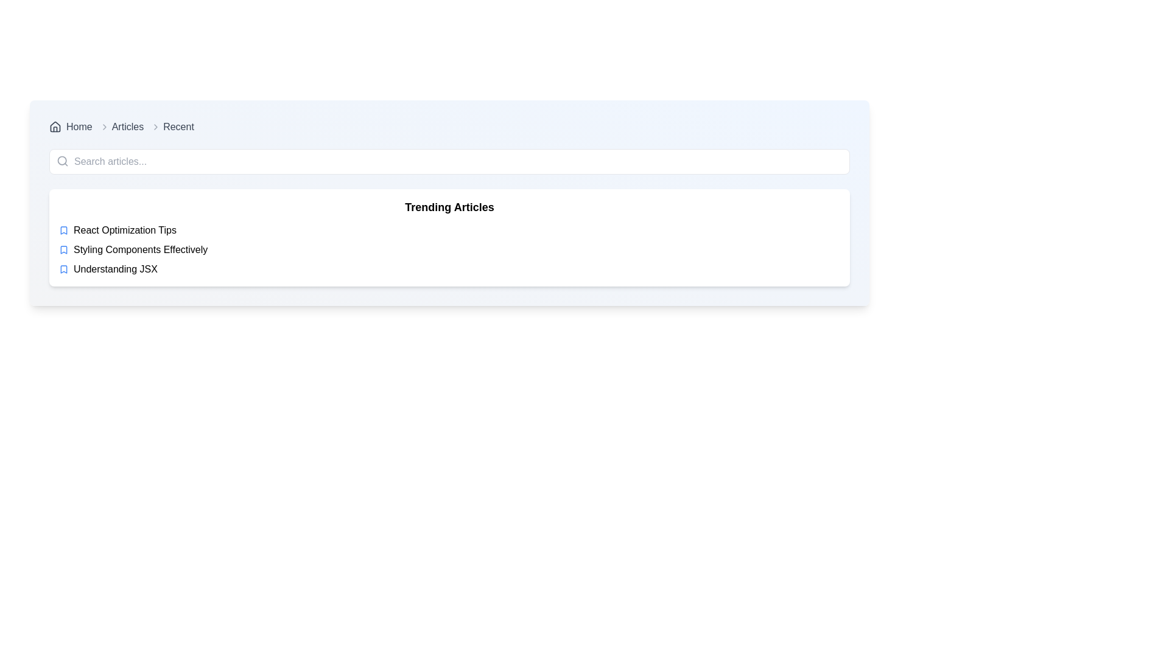  Describe the element at coordinates (55, 127) in the screenshot. I see `the center dot of the 'Home' icon in the navigation breadcrumb menu bar` at that location.